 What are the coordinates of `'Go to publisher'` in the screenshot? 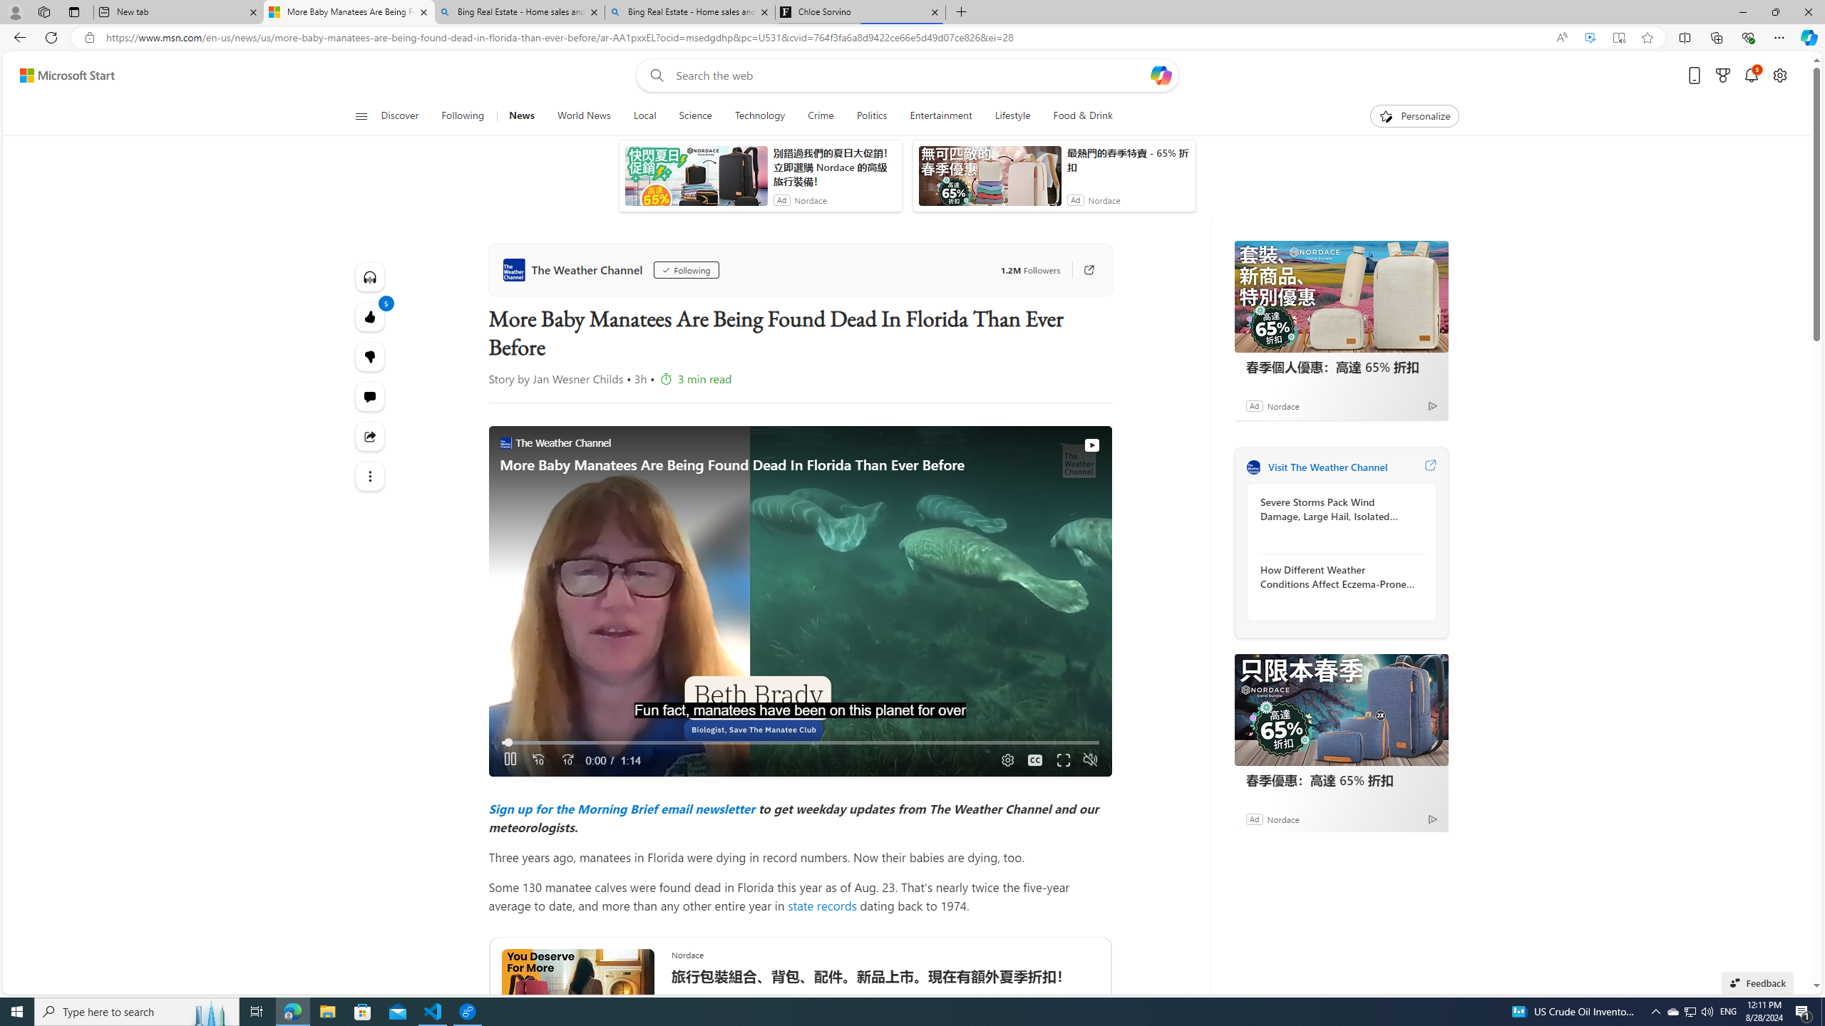 It's located at (1081, 270).